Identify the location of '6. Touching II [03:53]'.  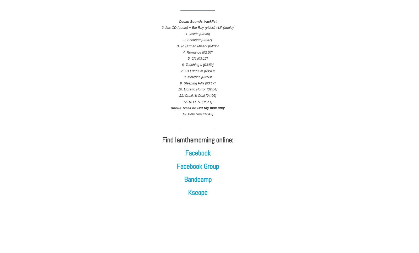
(197, 64).